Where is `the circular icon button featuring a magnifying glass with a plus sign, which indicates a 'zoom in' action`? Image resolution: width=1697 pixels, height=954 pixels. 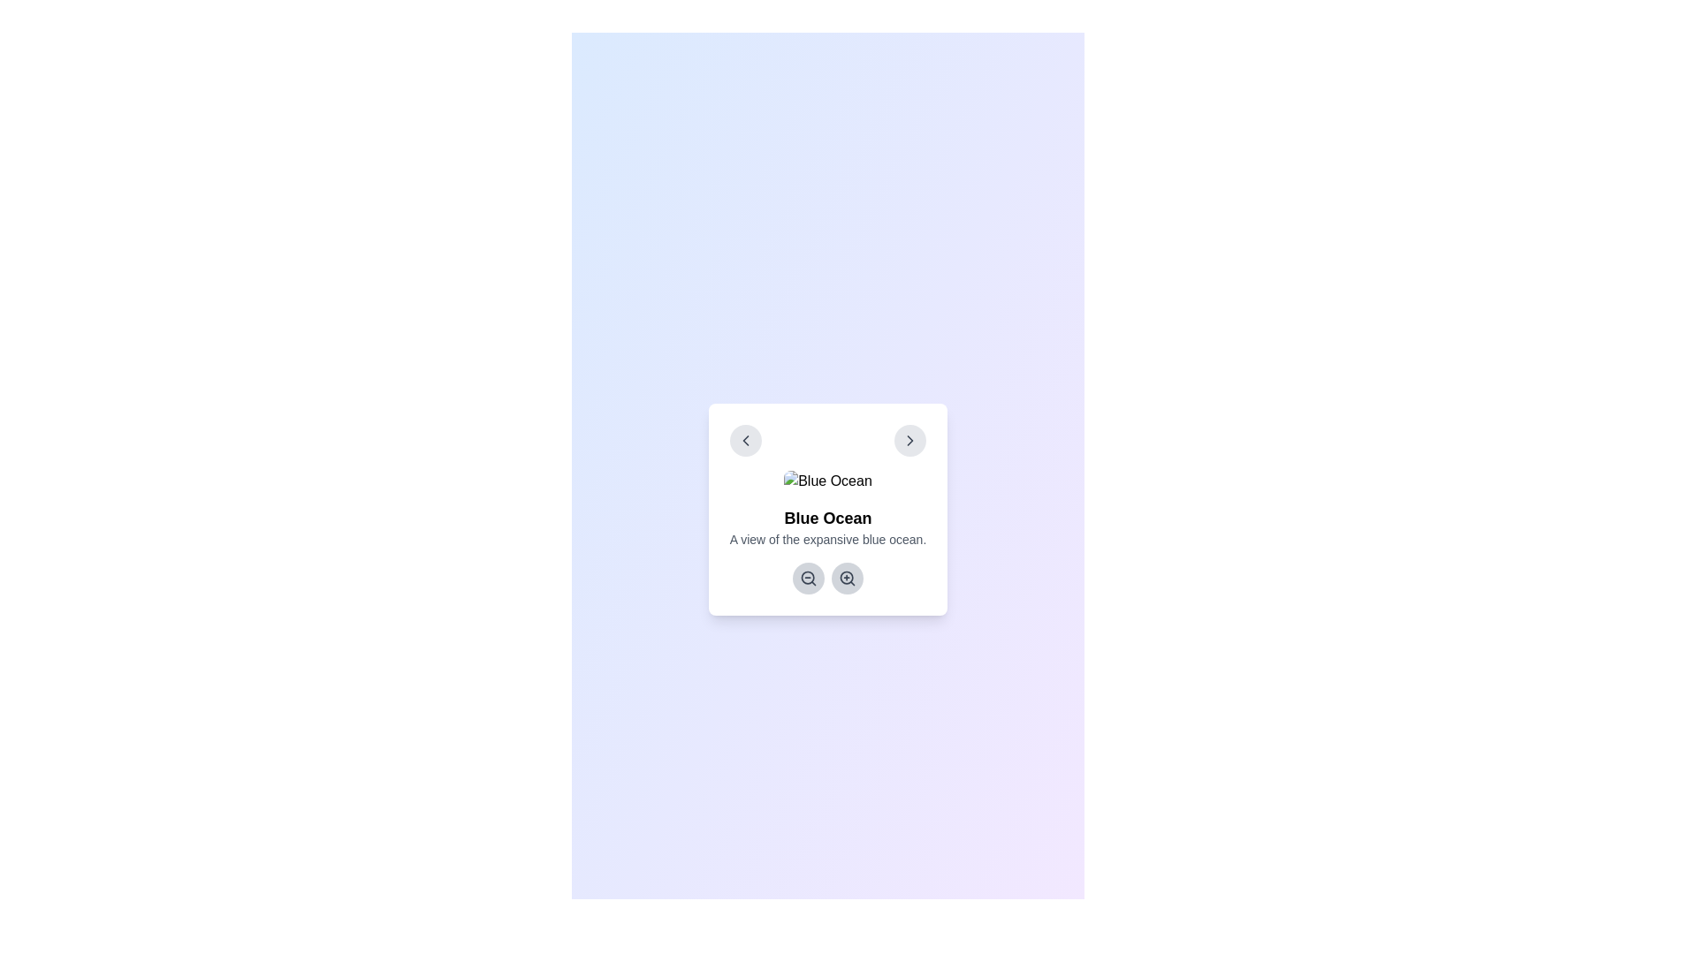 the circular icon button featuring a magnifying glass with a plus sign, which indicates a 'zoom in' action is located at coordinates (847, 579).